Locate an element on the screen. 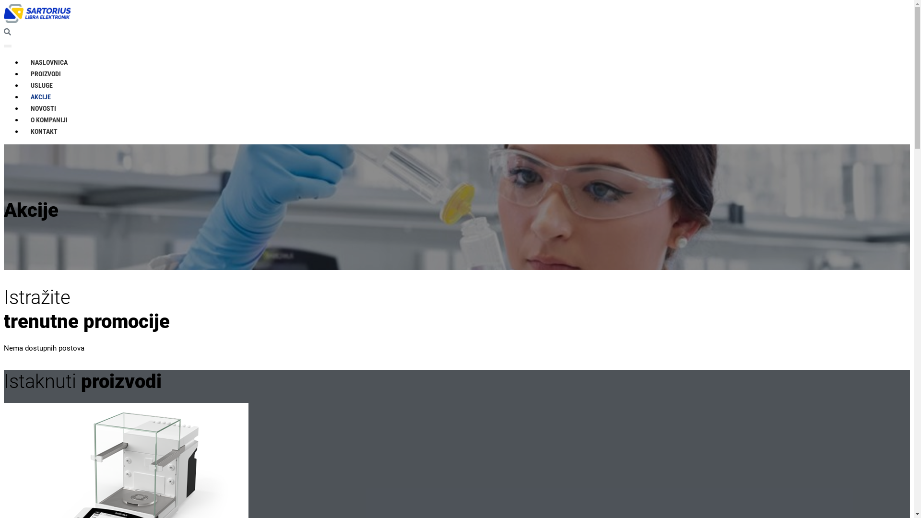 Image resolution: width=921 pixels, height=518 pixels. 'USLUGE' is located at coordinates (41, 84).